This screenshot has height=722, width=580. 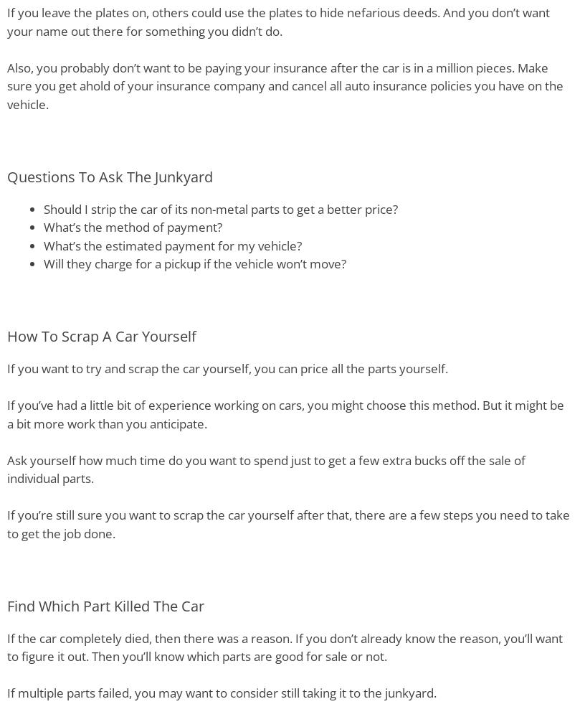 What do you see at coordinates (7, 637) in the screenshot?
I see `'If the car completely died, then there was a reason.'` at bounding box center [7, 637].